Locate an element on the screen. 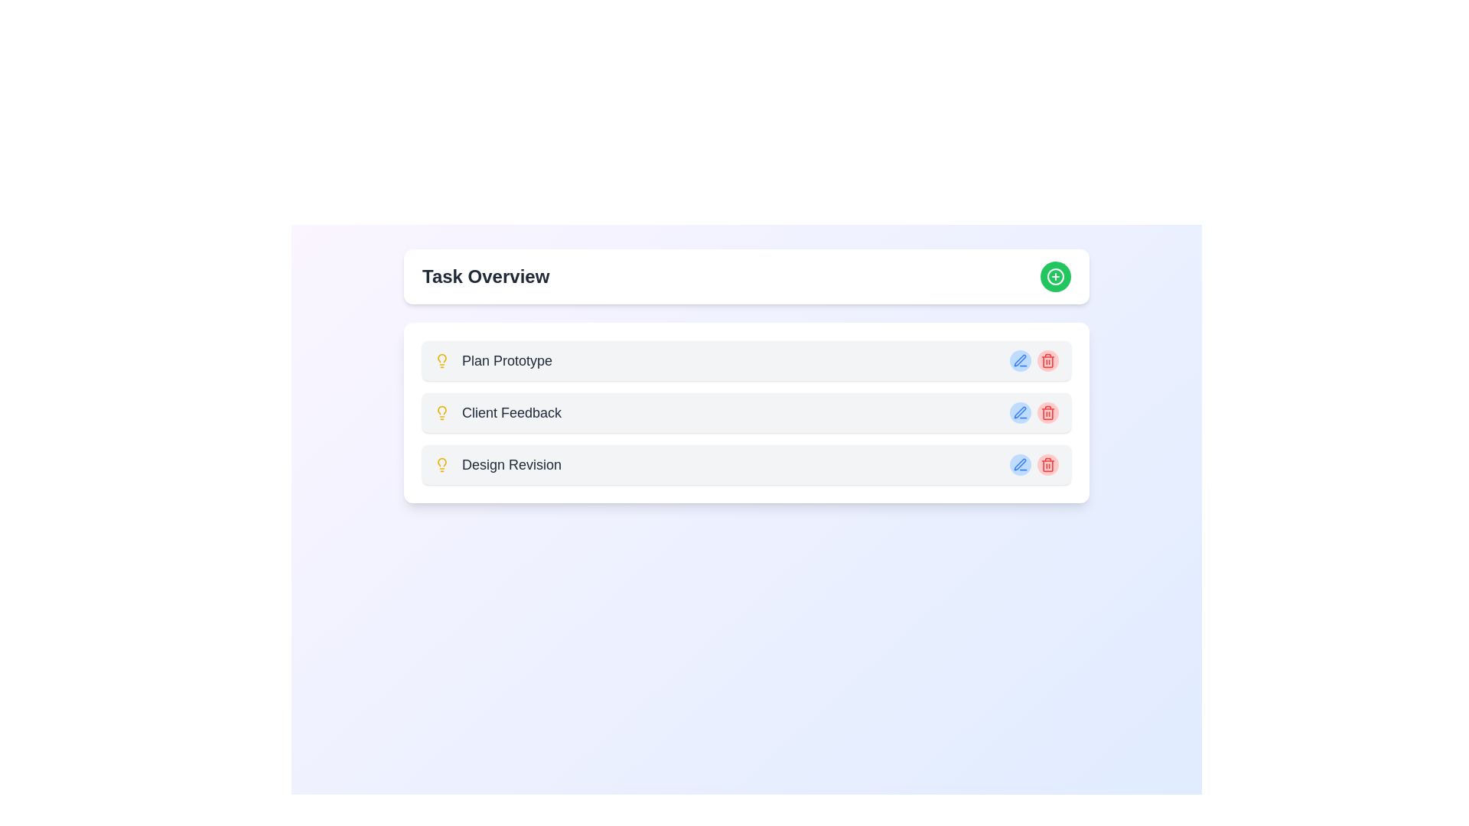 The height and width of the screenshot is (826, 1469). the vertical element of the red trash can icon located towards the middle-right, slightly inward is located at coordinates (1047, 413).